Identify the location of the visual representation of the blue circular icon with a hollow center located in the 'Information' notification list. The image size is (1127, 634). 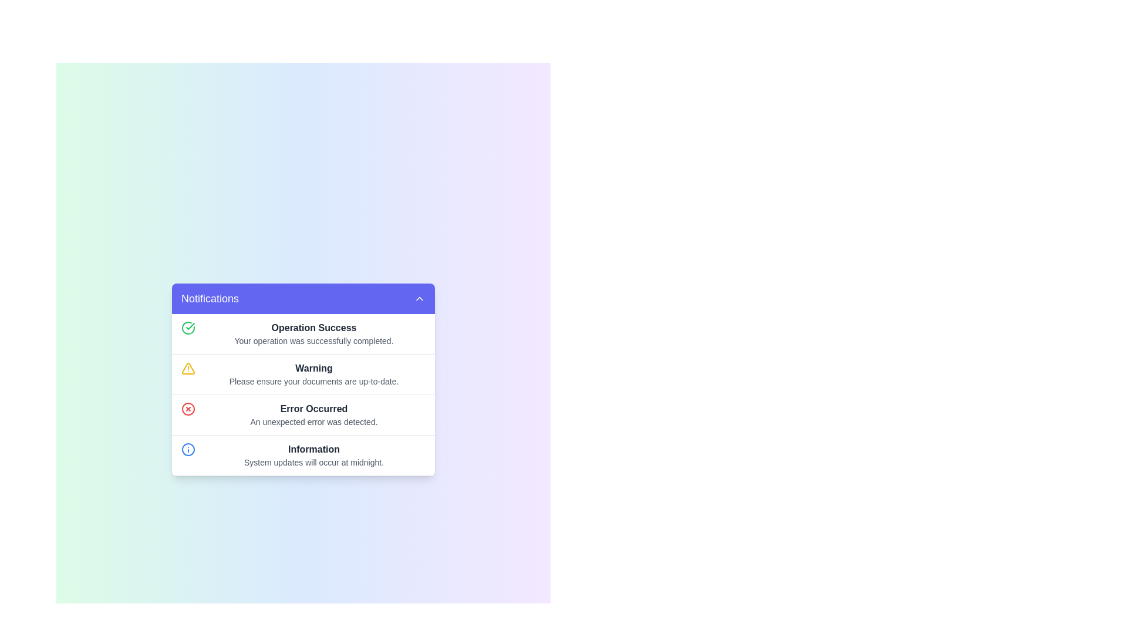
(188, 449).